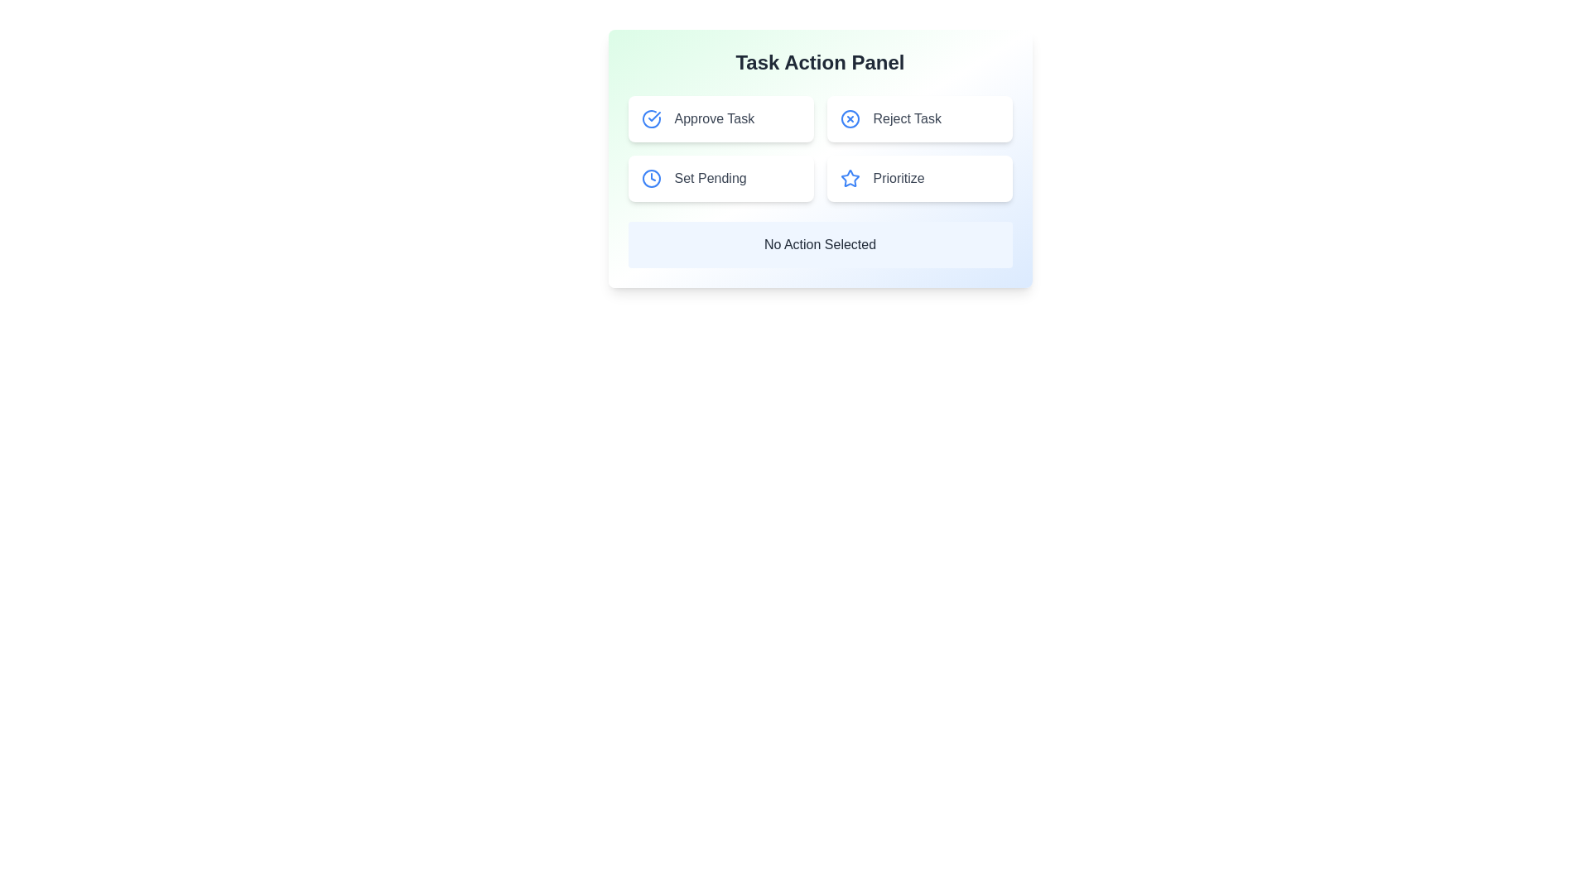  What do you see at coordinates (918, 179) in the screenshot?
I see `the 'Prioritize' button located at the bottom-right of the grid layout` at bounding box center [918, 179].